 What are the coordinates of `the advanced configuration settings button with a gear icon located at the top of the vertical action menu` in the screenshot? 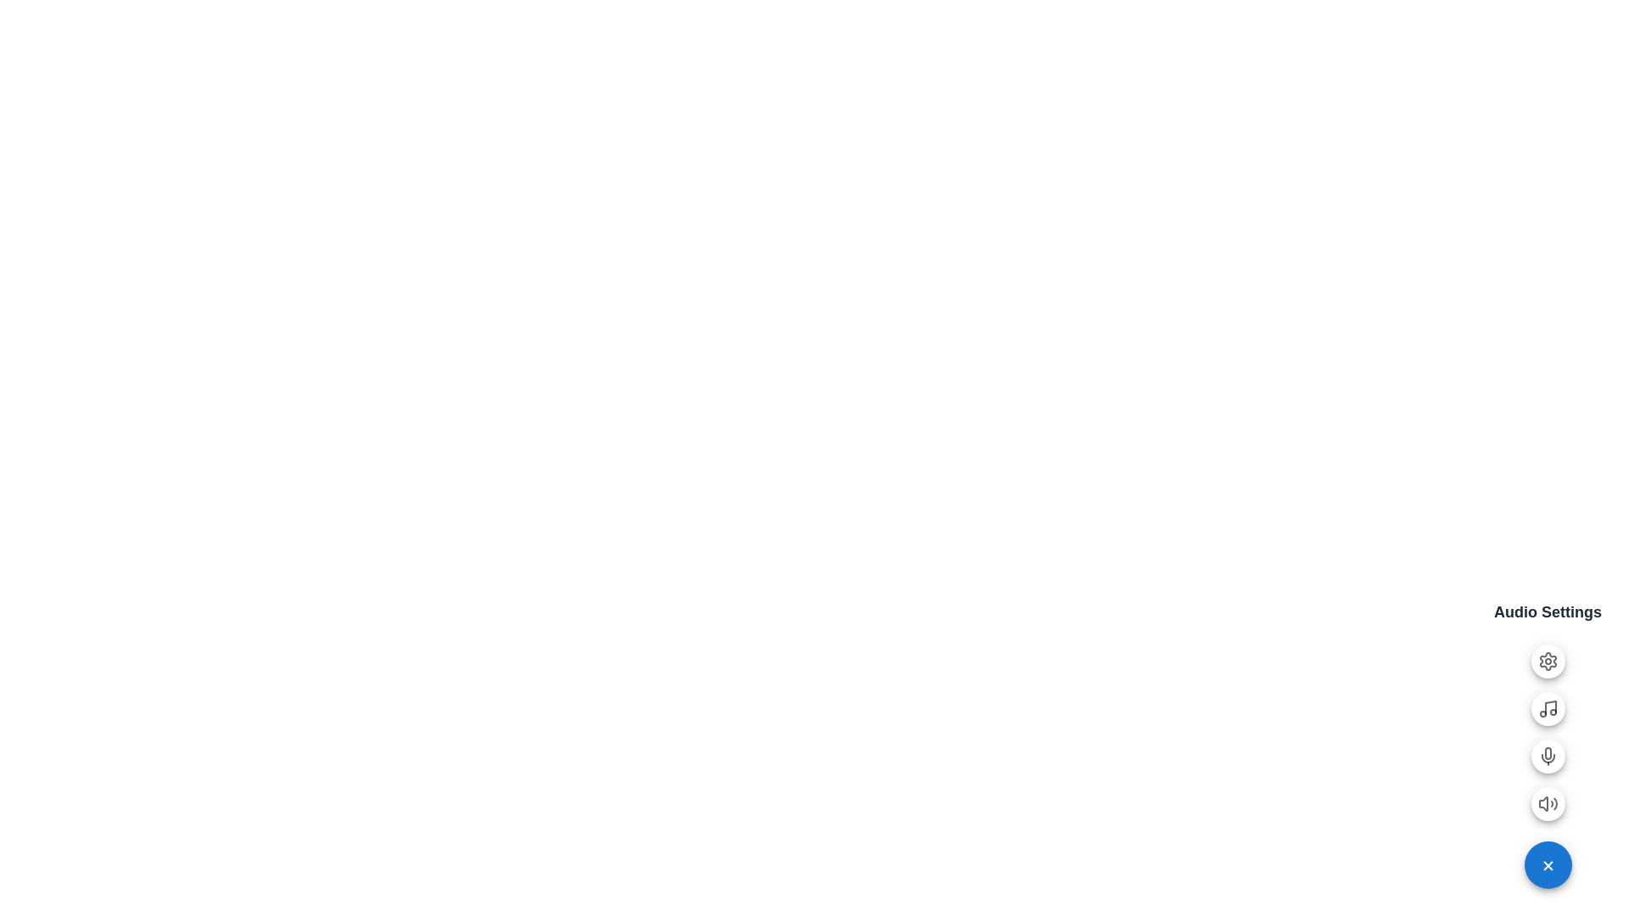 It's located at (1548, 660).